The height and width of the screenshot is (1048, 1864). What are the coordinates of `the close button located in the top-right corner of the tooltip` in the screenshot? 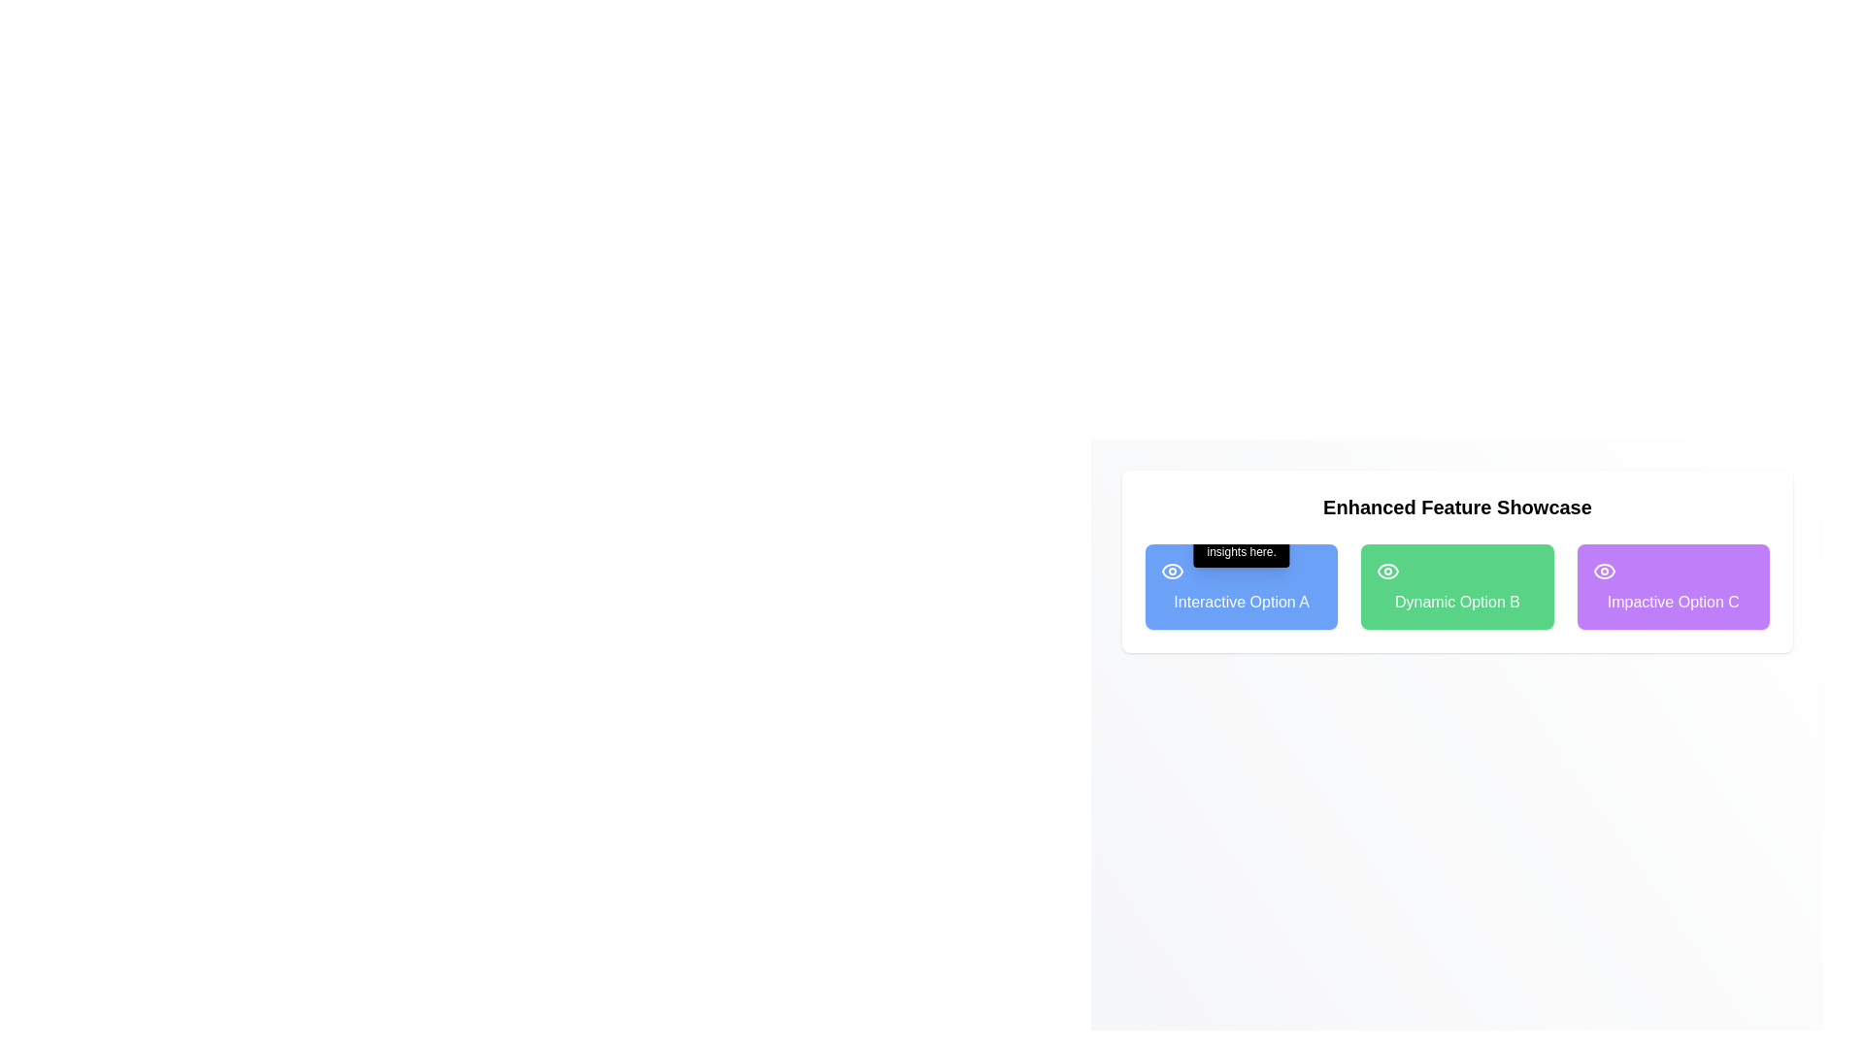 It's located at (1278, 515).